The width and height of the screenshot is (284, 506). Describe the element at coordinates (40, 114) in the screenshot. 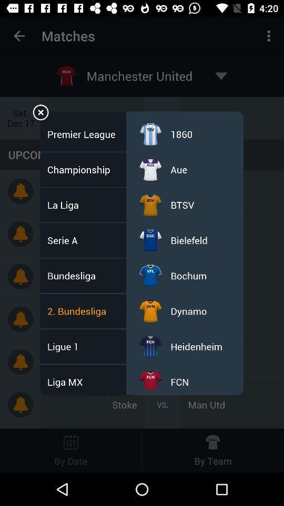

I see `exit` at that location.